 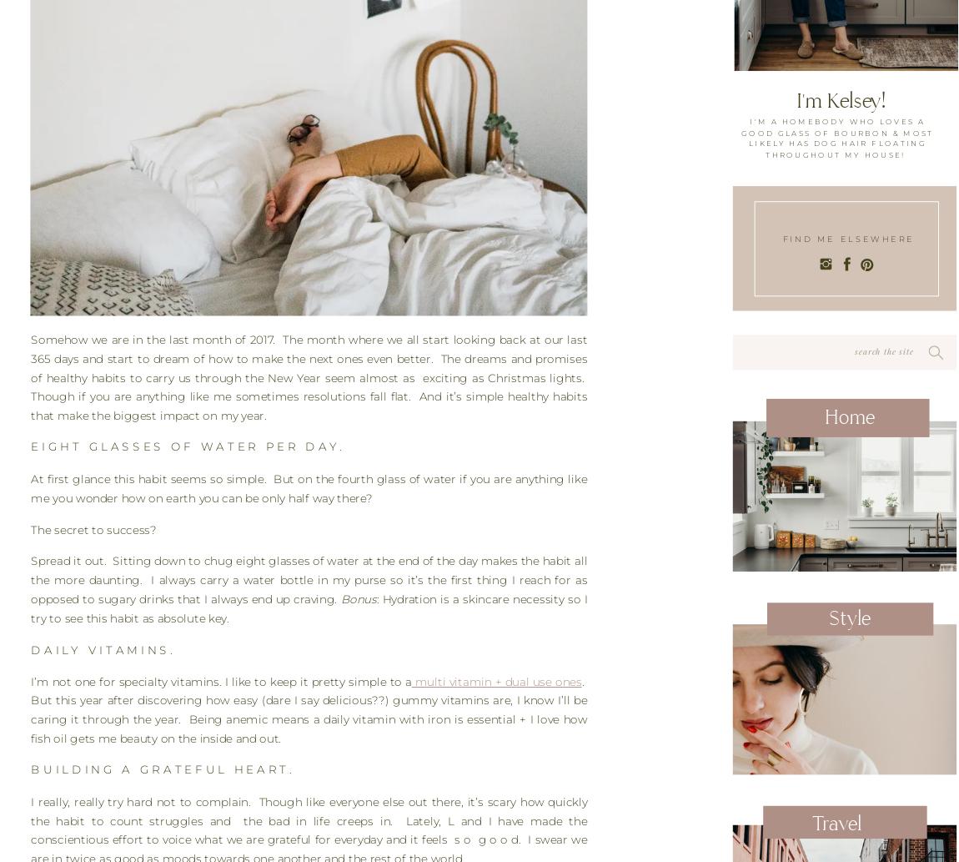 I want to click on 'I’m not one for specialty vitamins. I like to keep it pretty simple to a', so click(x=219, y=681).